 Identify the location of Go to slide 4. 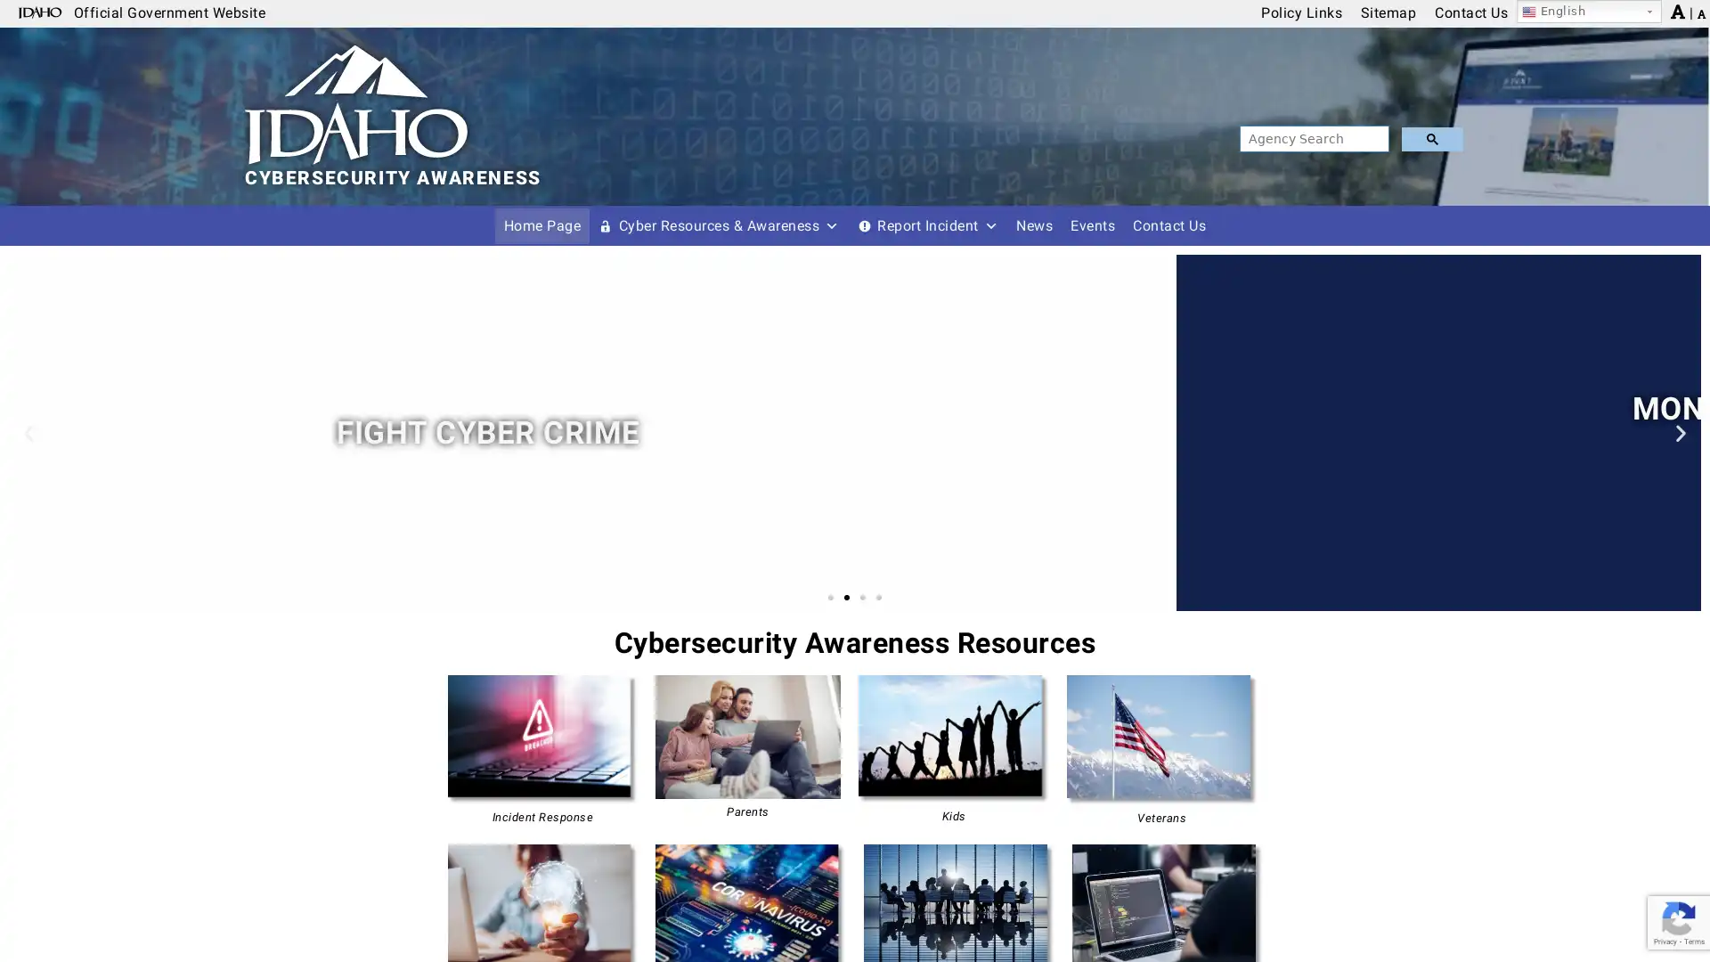
(879, 598).